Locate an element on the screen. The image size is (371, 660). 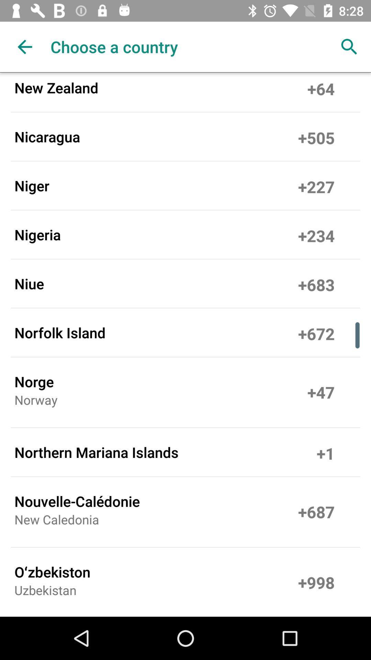
new zealand icon is located at coordinates (56, 87).